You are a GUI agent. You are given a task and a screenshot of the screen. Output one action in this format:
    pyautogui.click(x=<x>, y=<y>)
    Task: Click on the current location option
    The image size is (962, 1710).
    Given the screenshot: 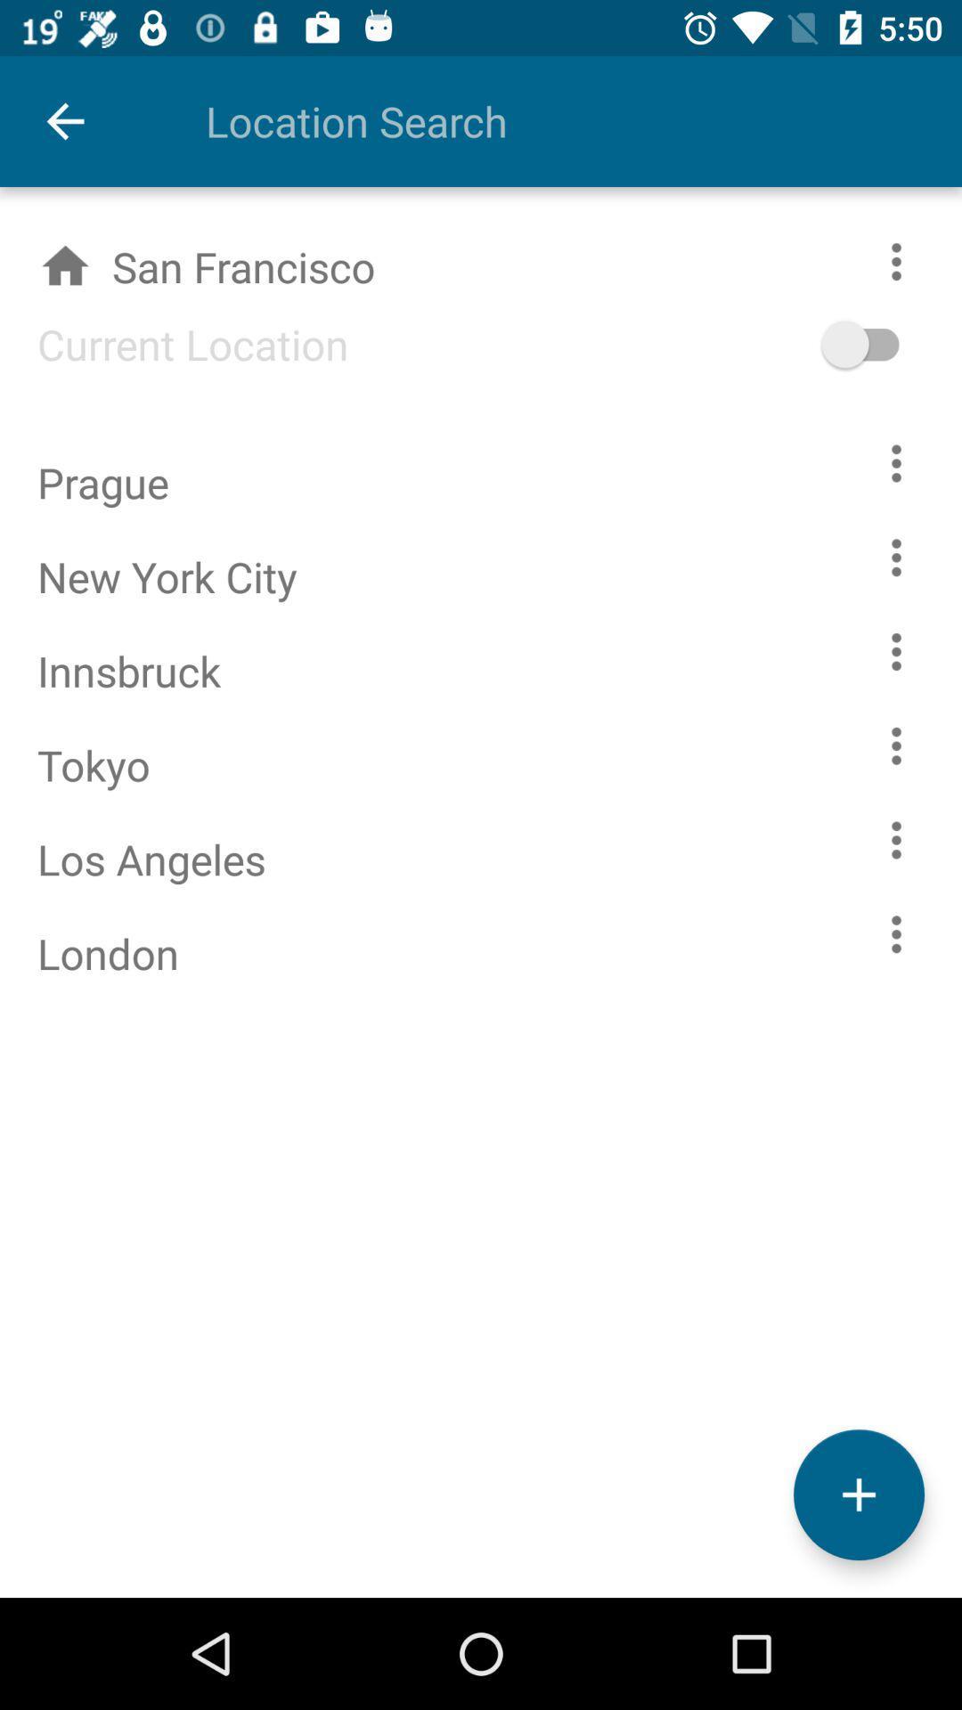 What is the action you would take?
    pyautogui.click(x=887, y=344)
    